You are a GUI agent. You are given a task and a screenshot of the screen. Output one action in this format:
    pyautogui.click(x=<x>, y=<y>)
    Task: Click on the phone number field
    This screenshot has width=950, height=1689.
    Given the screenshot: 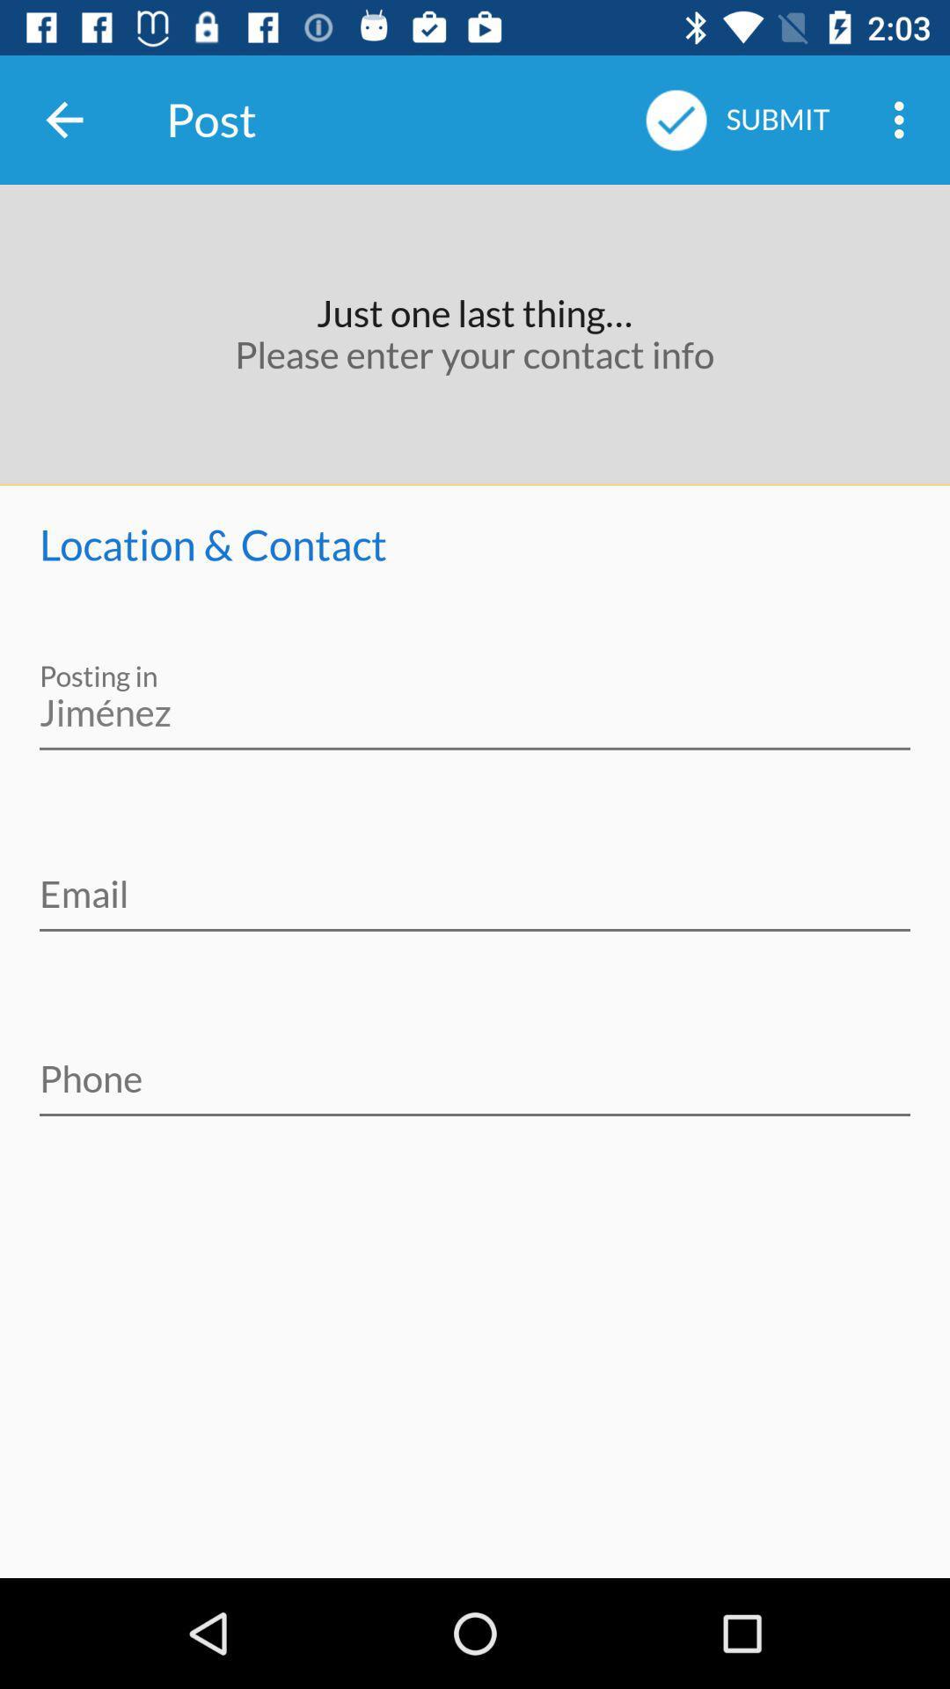 What is the action you would take?
    pyautogui.click(x=475, y=1066)
    